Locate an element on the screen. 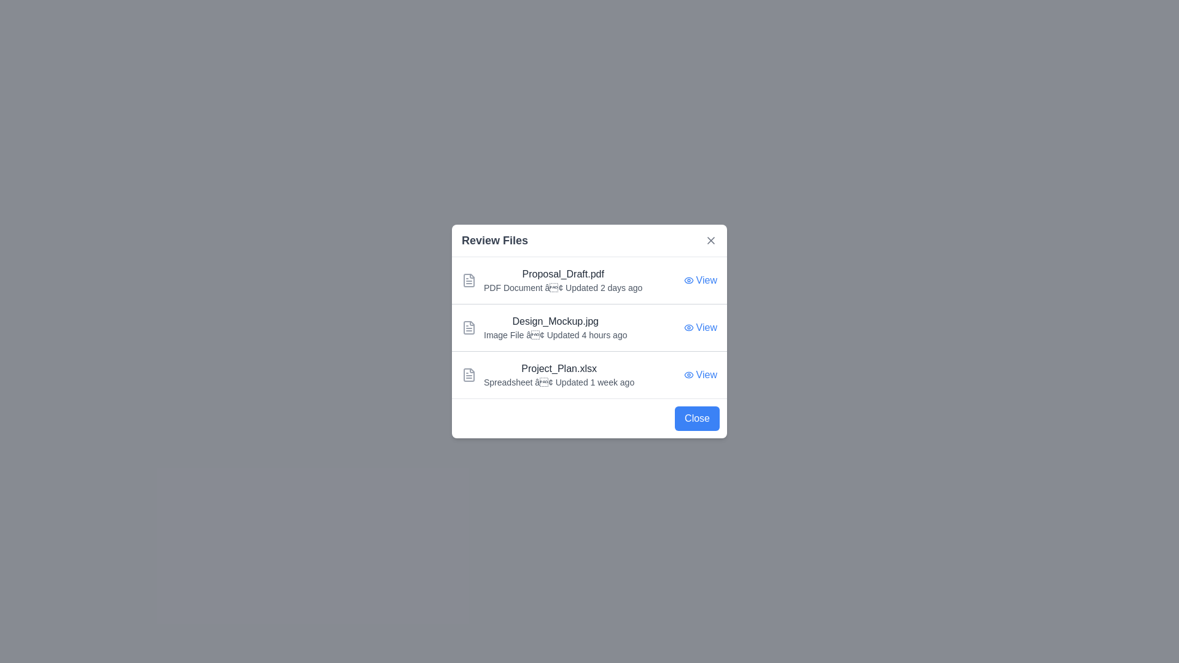  the 'Close' button to close the dialog is located at coordinates (697, 418).